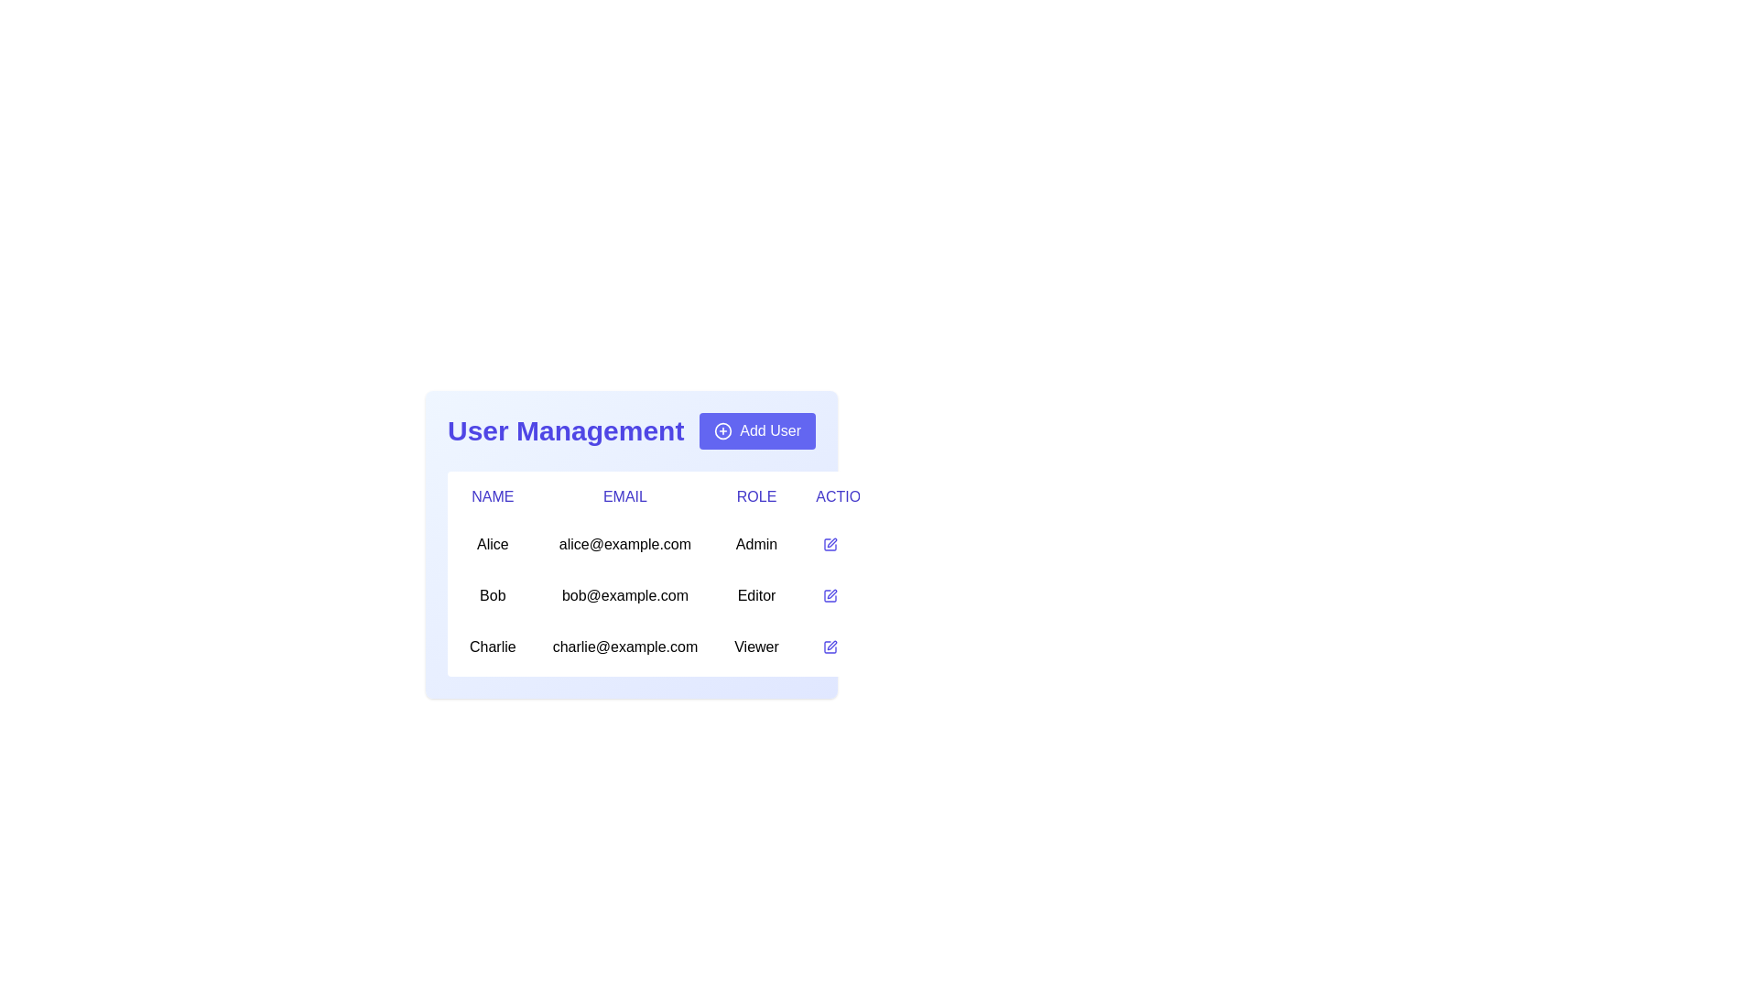 This screenshot has width=1758, height=989. Describe the element at coordinates (493, 596) in the screenshot. I see `the text label displaying the name 'Bob' in black font, located in the 'NAME' column of the 'User Management' table, specifically in the second row` at that location.